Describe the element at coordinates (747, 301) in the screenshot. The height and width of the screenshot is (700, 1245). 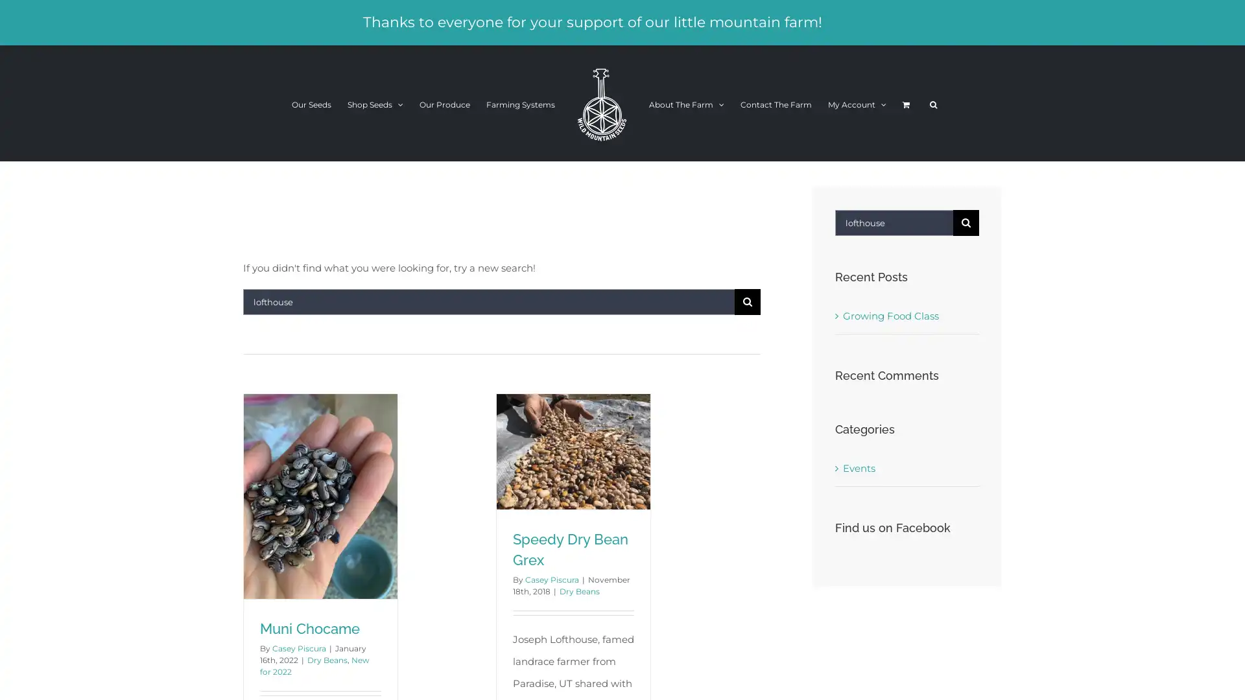
I see `Search` at that location.